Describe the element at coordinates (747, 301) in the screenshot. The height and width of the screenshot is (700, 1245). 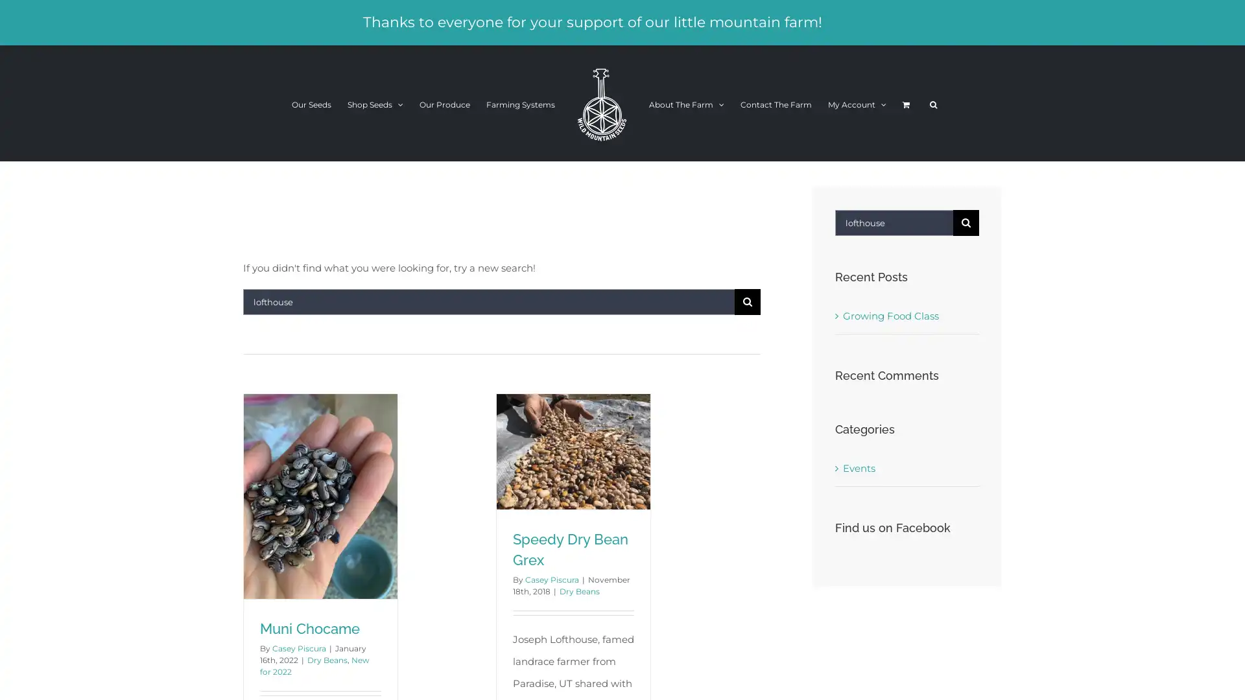
I see `Search` at that location.